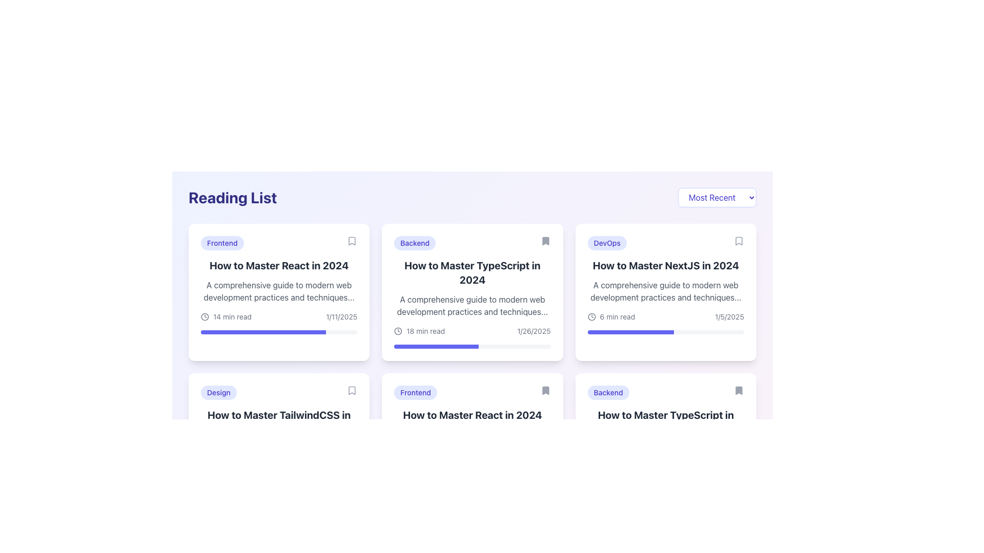  Describe the element at coordinates (279, 291) in the screenshot. I see `text description located below the title 'How to Master React in 2024' within the card component, positioned between the title and metadata about the reading time and date` at that location.